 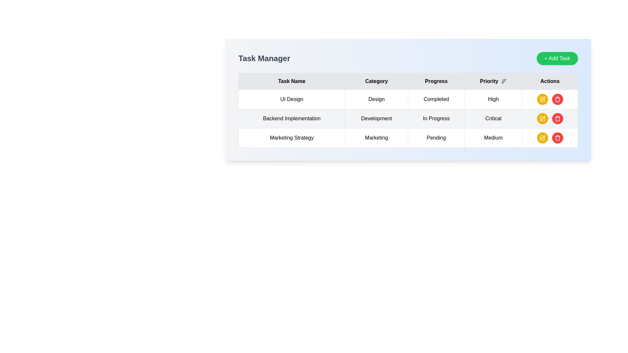 What do you see at coordinates (376, 99) in the screenshot?
I see `the 'Design' text label within the bordered cell in the second column of the first row of the task table` at bounding box center [376, 99].